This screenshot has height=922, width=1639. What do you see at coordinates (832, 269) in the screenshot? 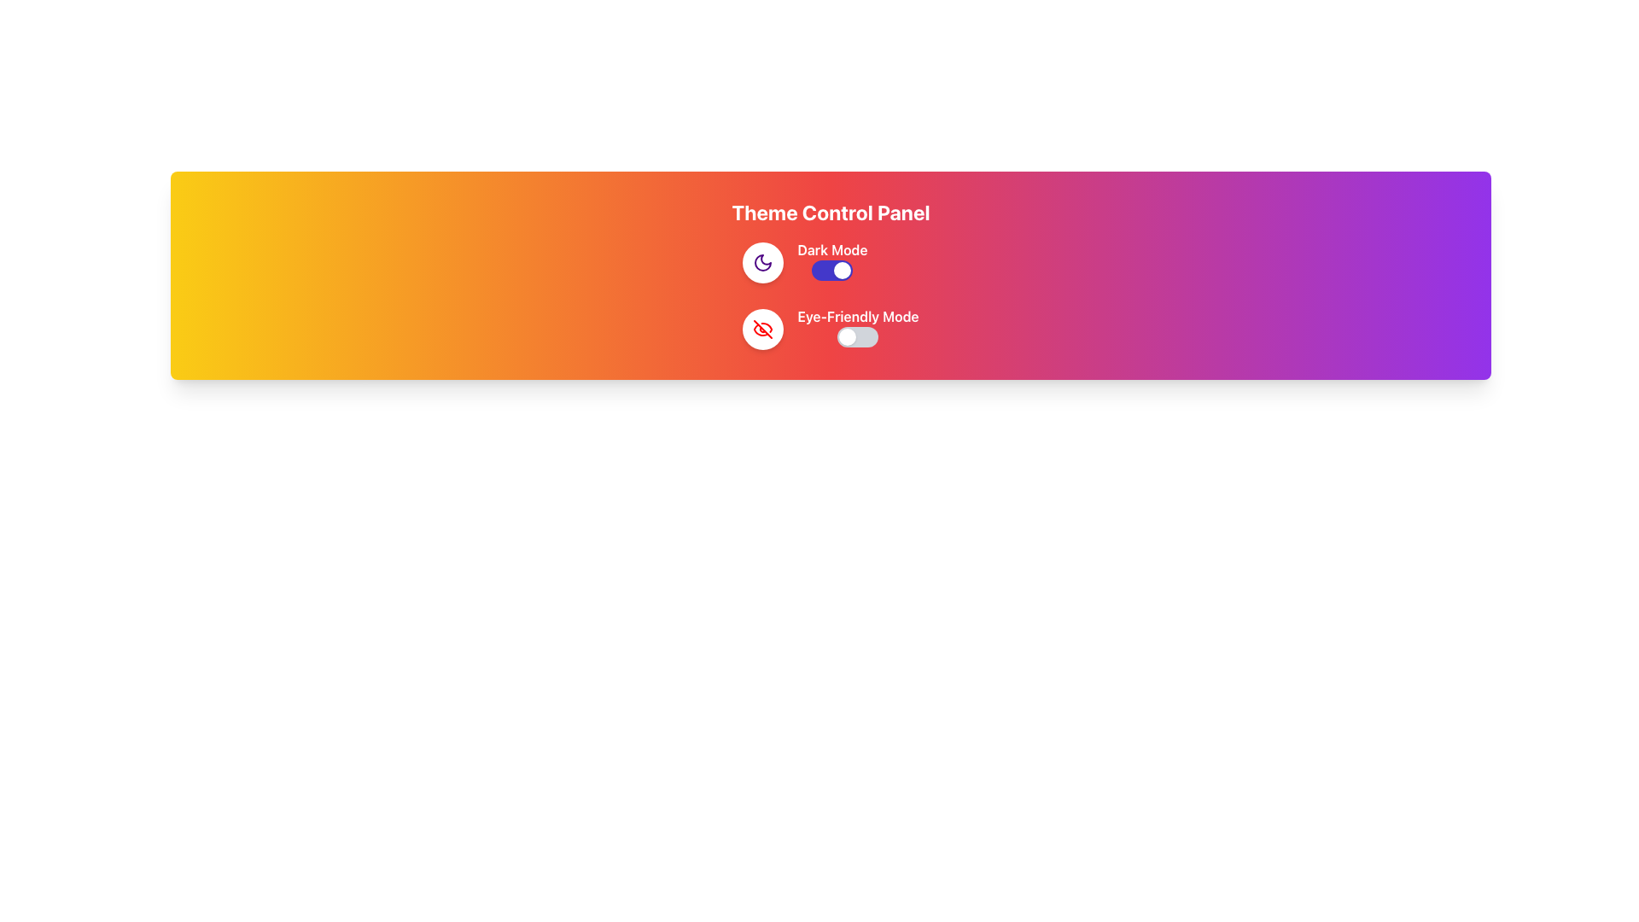
I see `the white knob of the 'Dark Mode' toggle switch` at bounding box center [832, 269].